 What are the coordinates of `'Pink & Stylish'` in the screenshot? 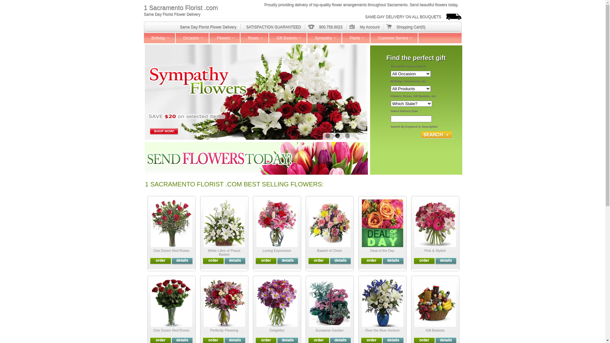 It's located at (424, 250).